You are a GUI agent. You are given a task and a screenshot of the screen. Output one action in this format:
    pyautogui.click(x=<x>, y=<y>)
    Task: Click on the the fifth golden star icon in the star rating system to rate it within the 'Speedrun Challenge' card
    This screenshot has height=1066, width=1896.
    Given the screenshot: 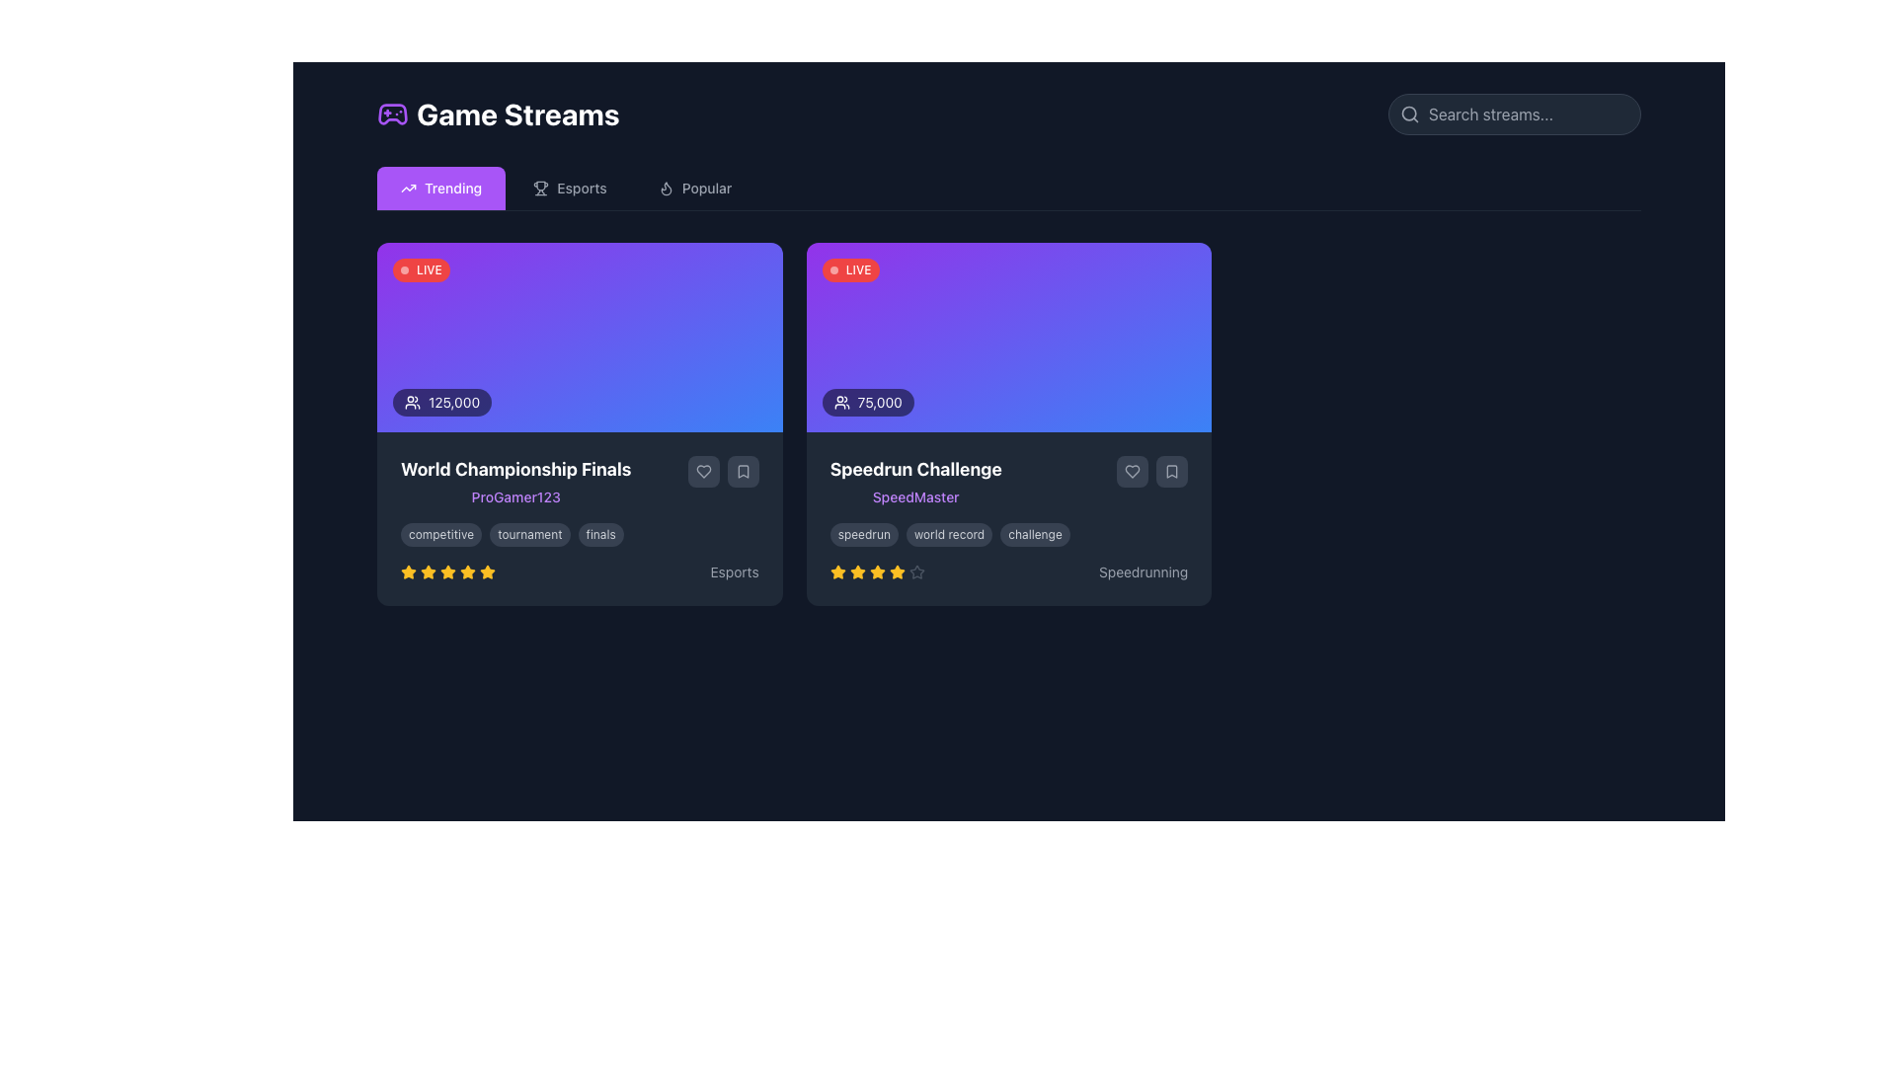 What is the action you would take?
    pyautogui.click(x=876, y=571)
    